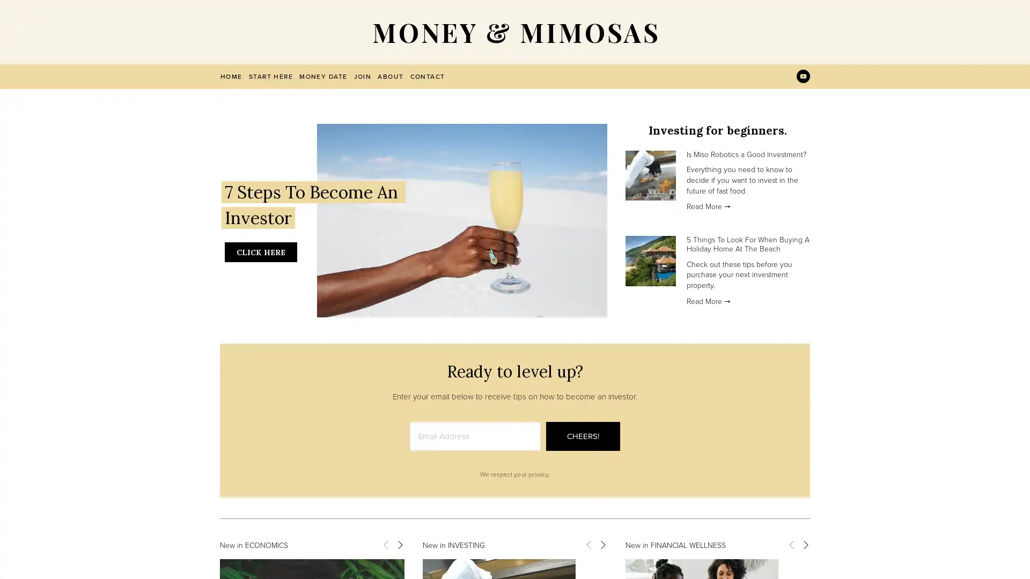  What do you see at coordinates (602, 544) in the screenshot?
I see `Next` at bounding box center [602, 544].